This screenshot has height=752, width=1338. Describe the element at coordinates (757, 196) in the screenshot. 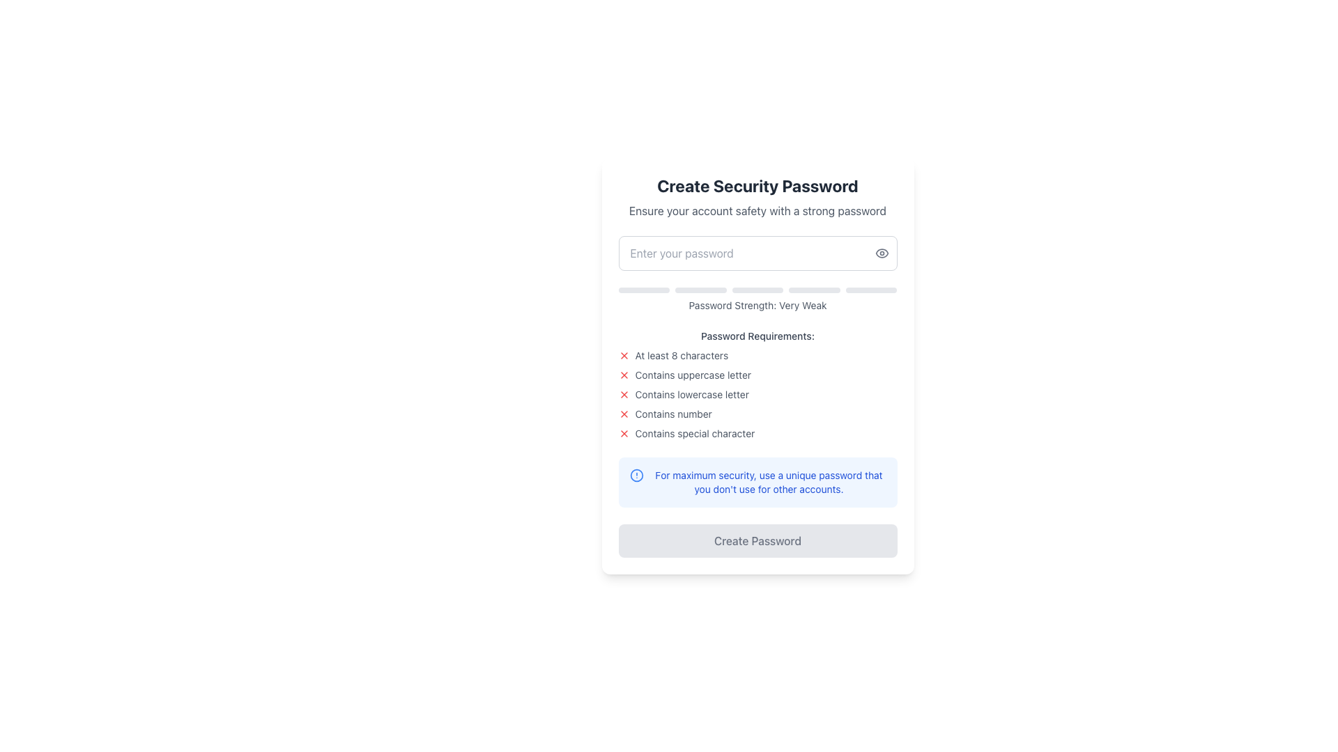

I see `the introductory header component that provides the title and brief description for creating a secure password` at that location.